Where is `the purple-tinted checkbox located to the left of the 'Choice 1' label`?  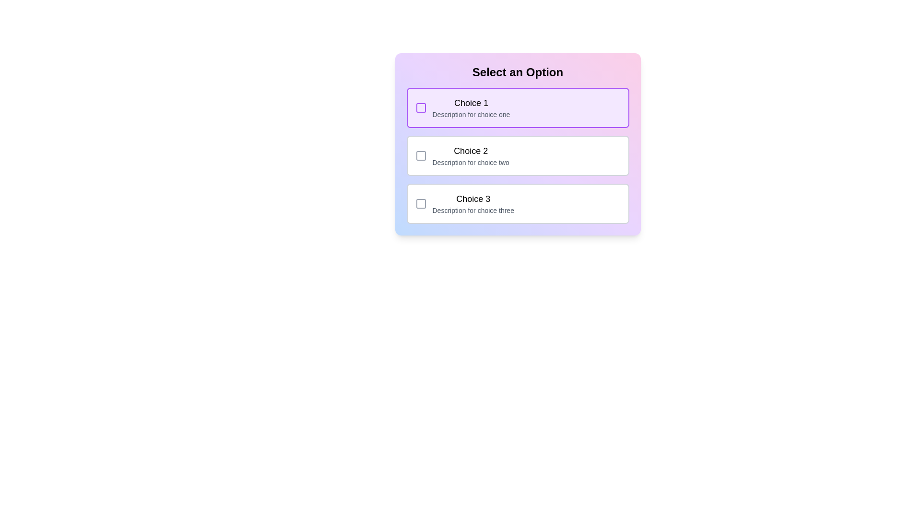
the purple-tinted checkbox located to the left of the 'Choice 1' label is located at coordinates (421, 107).